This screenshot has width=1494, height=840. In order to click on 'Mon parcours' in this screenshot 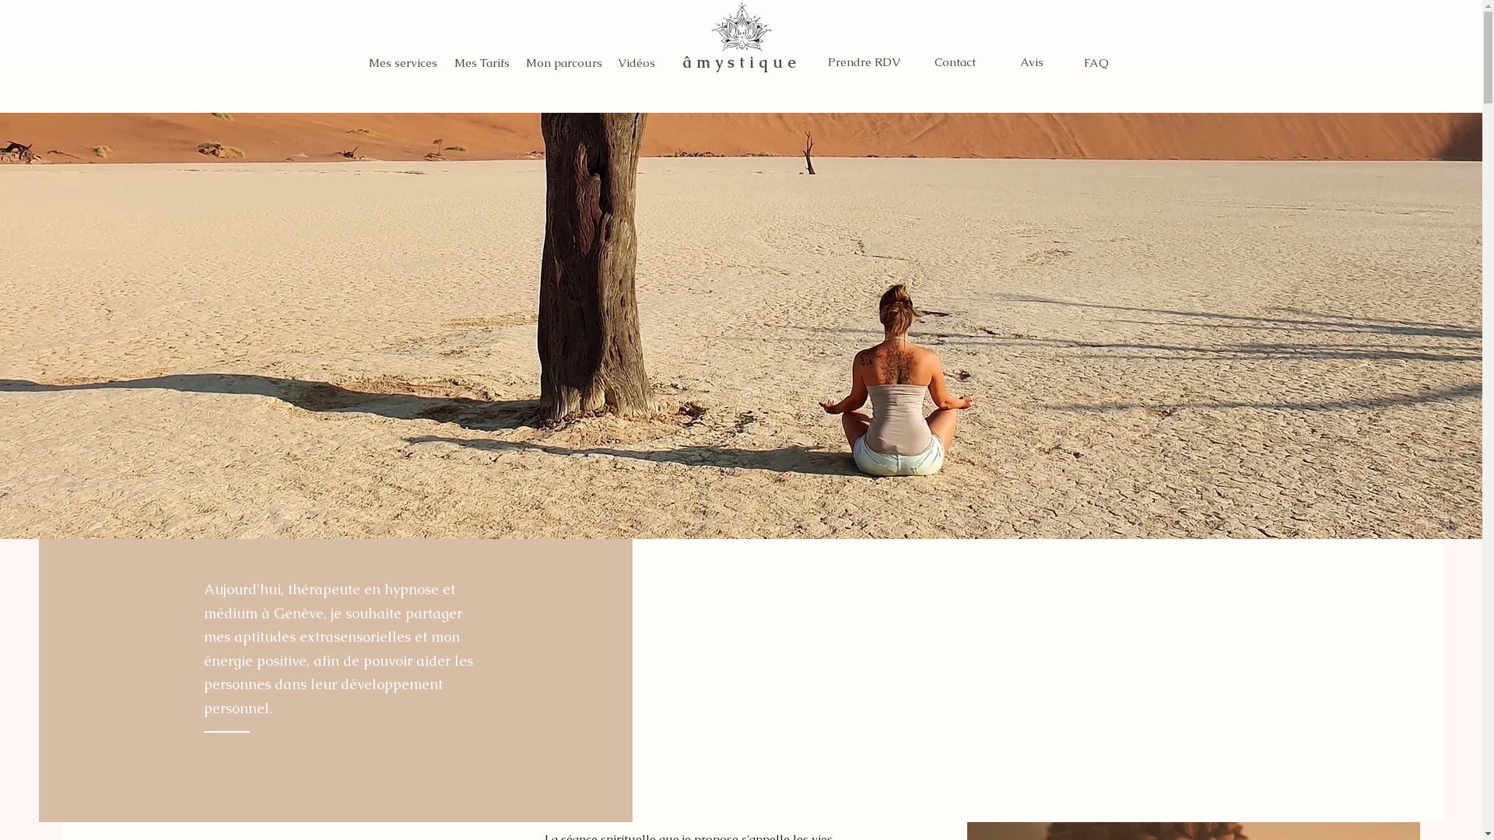, I will do `click(563, 61)`.